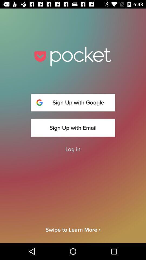 The image size is (146, 260). I want to click on swipe to learn item, so click(73, 234).